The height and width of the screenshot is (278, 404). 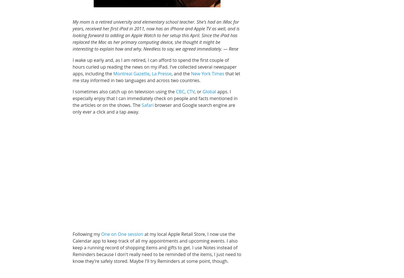 What do you see at coordinates (207, 73) in the screenshot?
I see `'New York Times'` at bounding box center [207, 73].